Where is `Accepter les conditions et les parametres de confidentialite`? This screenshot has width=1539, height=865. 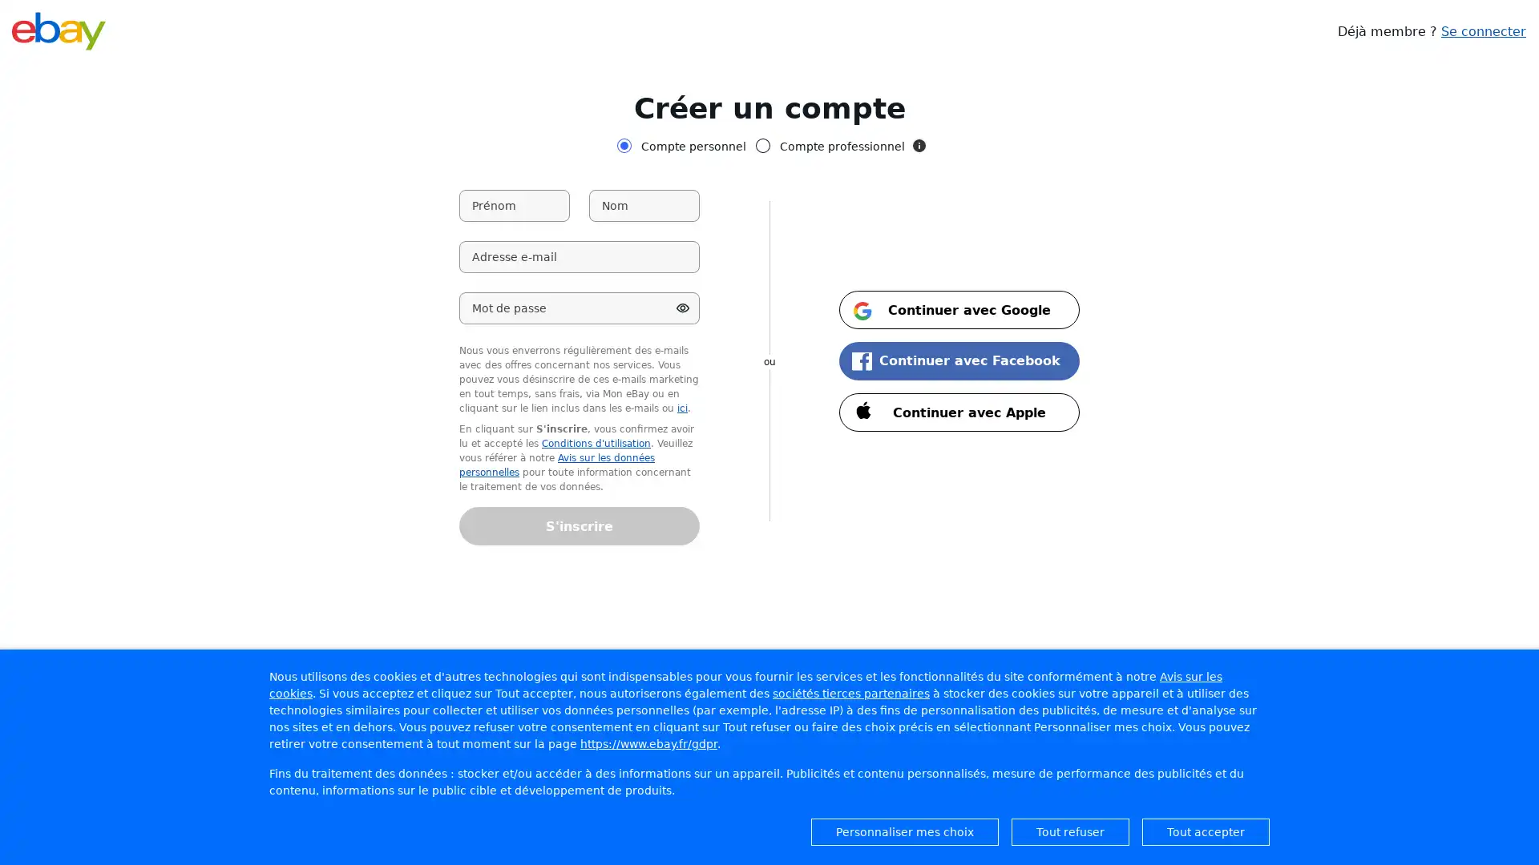 Accepter les conditions et les parametres de confidentialite is located at coordinates (1206, 831).